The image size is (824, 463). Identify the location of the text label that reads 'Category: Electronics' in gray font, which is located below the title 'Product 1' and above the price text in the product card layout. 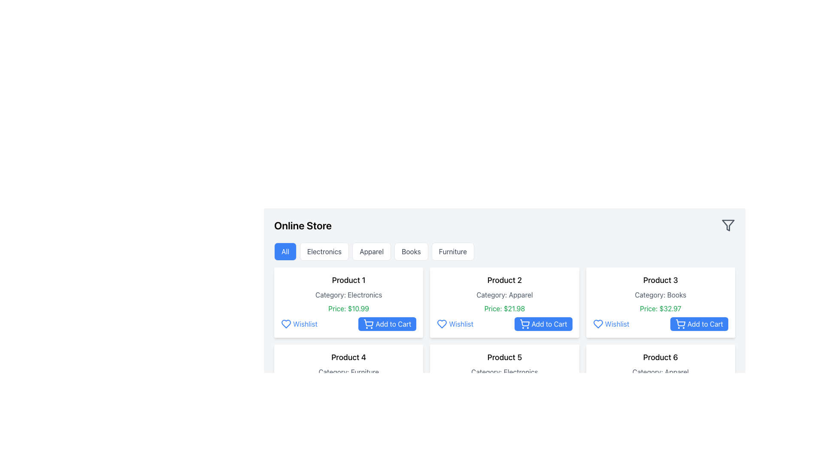
(348, 294).